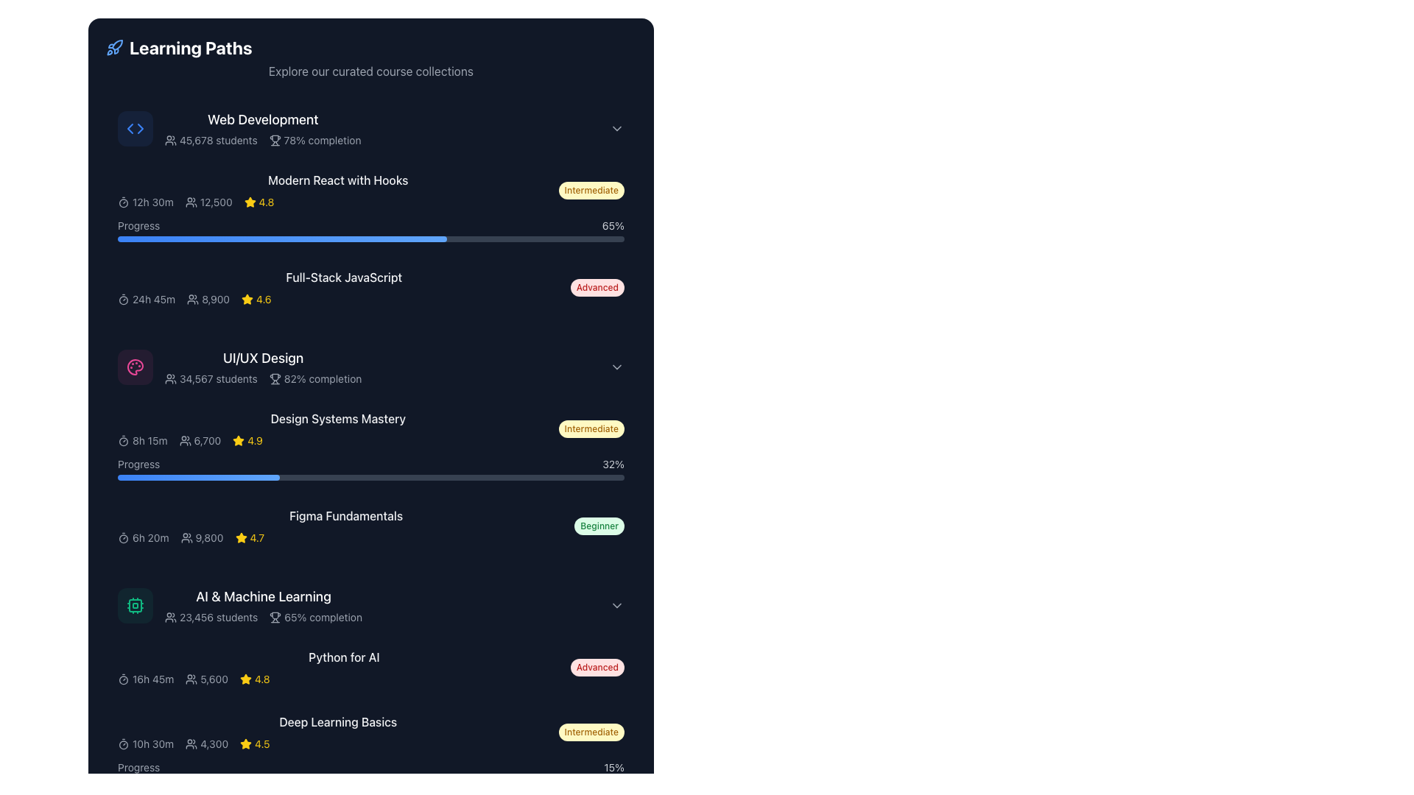  Describe the element at coordinates (247, 439) in the screenshot. I see `the Rating display element showing the average rating of the 'Design Systems Mastery' course, which is positioned under the 'Learning Paths' section, to the right of the student count text '6,700' and above the progress bar` at that location.